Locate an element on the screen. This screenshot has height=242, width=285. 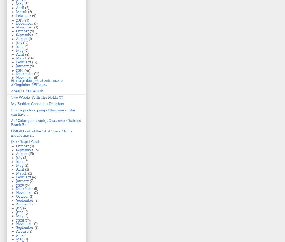
'(14)' is located at coordinates (28, 58).